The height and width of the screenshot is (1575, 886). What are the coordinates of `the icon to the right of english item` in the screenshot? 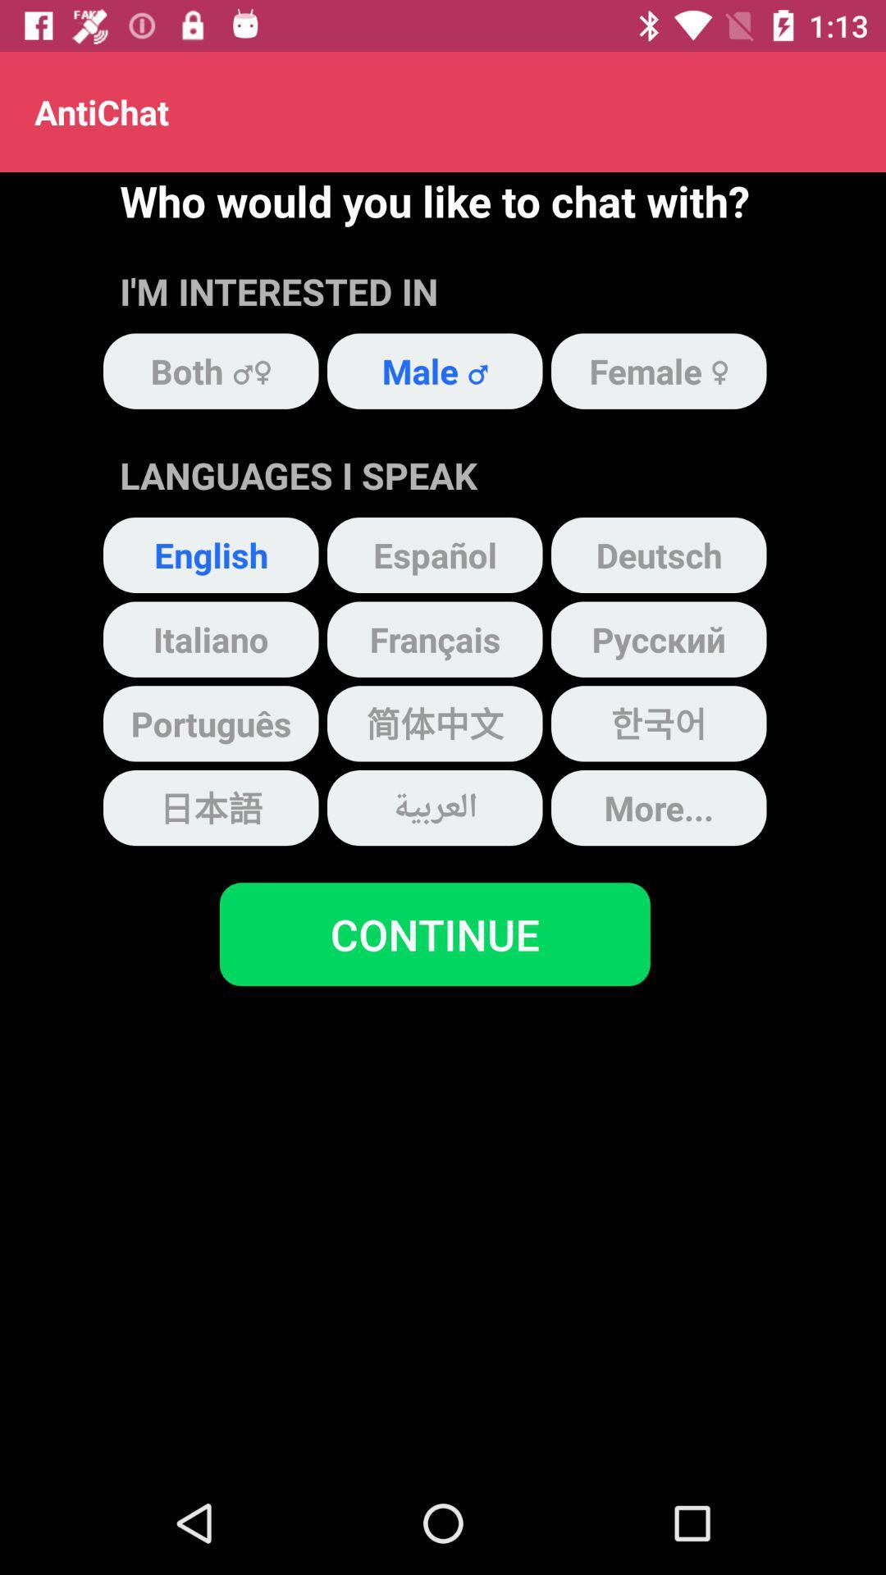 It's located at (434, 555).